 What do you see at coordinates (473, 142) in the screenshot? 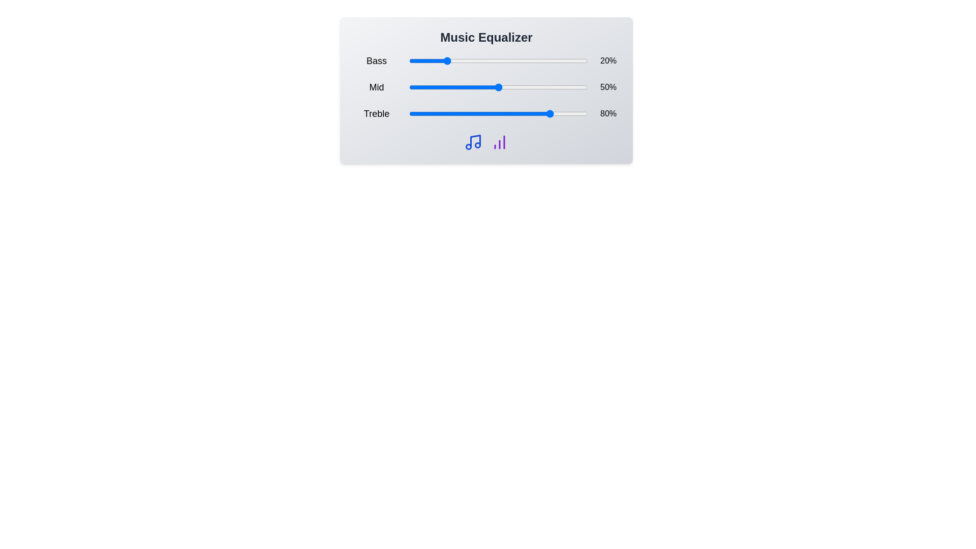
I see `the musical note icon to interact with the music-related feature` at bounding box center [473, 142].